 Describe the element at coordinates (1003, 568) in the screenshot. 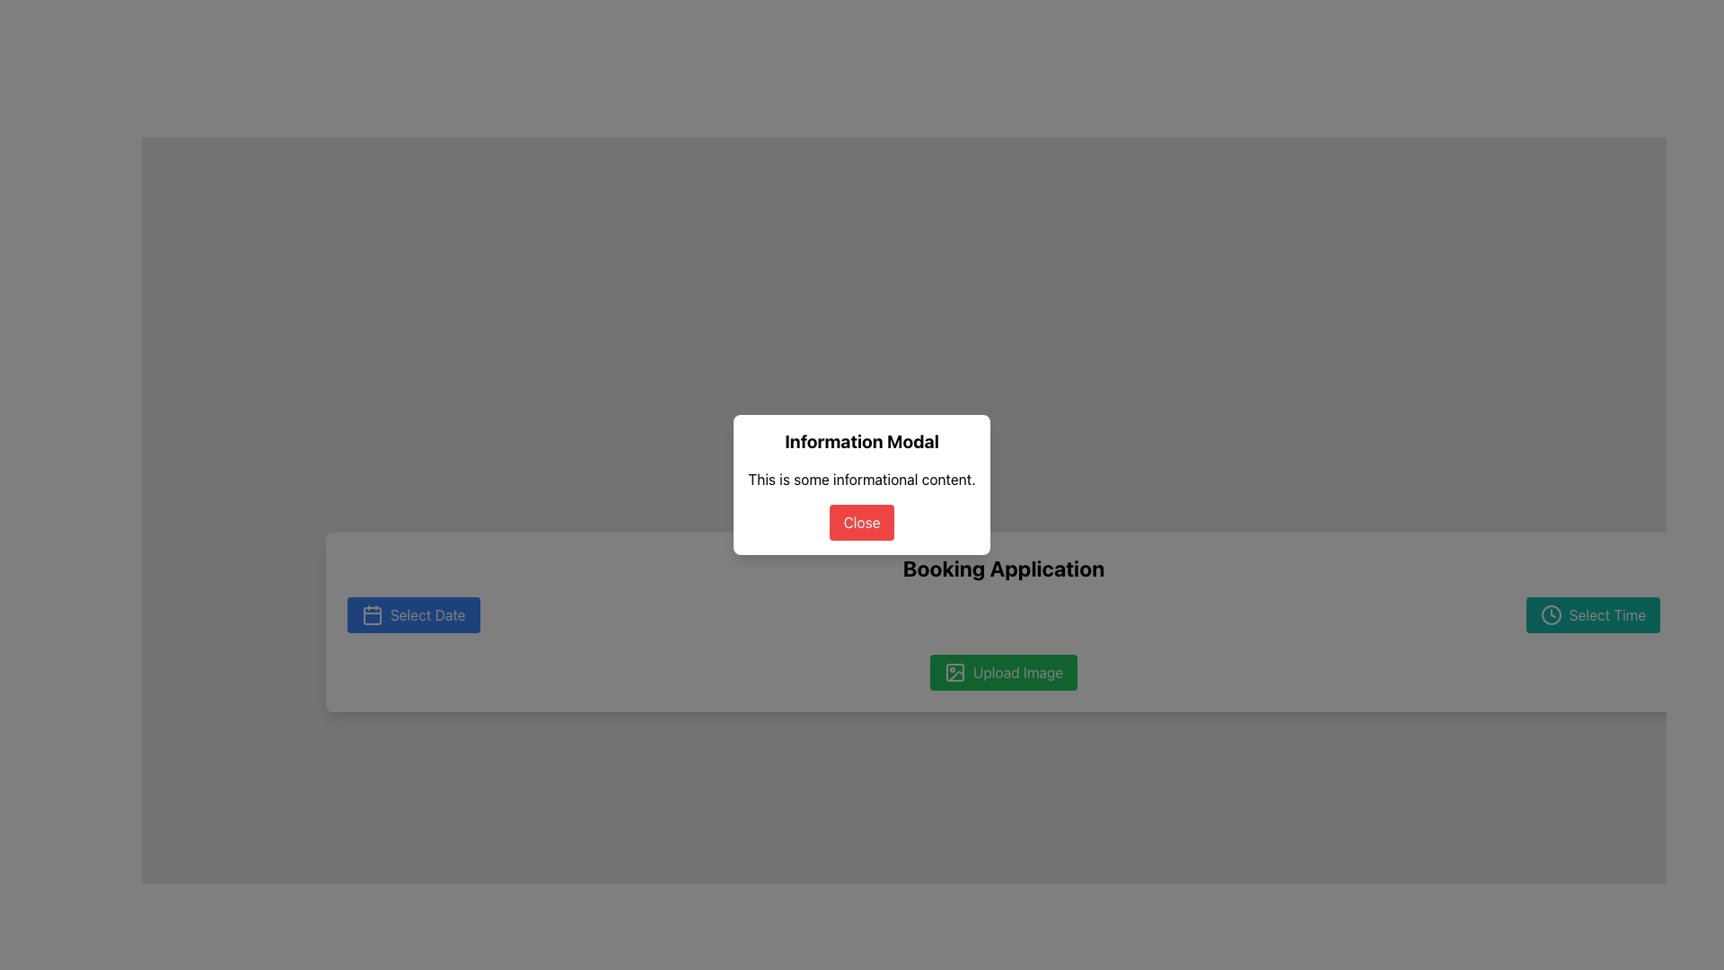

I see `the text display element labeled 'Booking Application', prominently styled in bold and larger font, located at the top of its card-like component` at that location.